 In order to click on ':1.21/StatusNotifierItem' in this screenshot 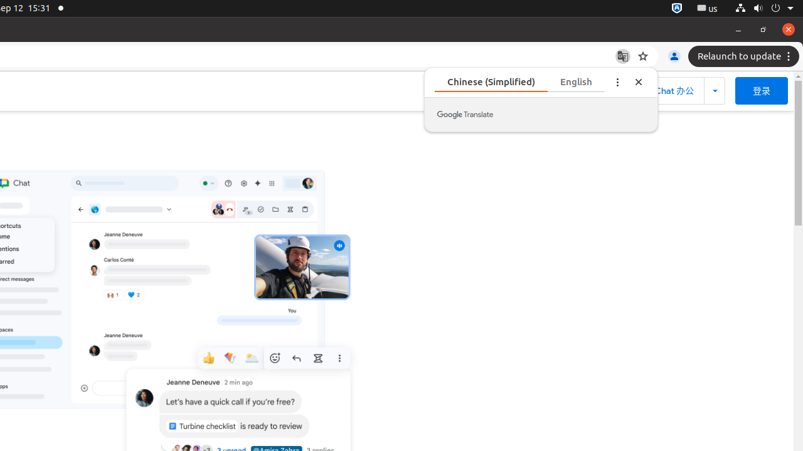, I will do `click(707, 8)`.